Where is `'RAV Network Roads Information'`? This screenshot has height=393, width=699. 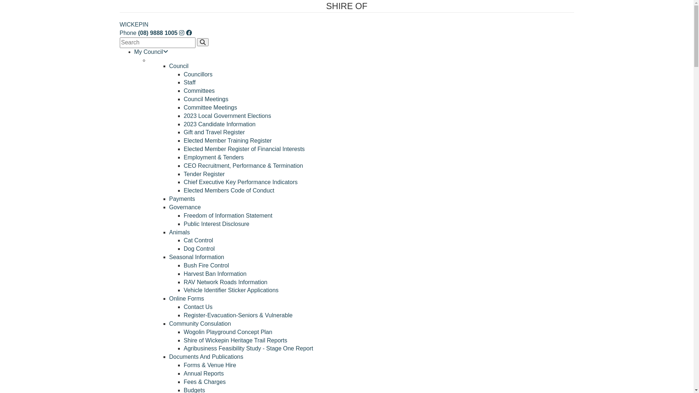 'RAV Network Roads Information' is located at coordinates (225, 282).